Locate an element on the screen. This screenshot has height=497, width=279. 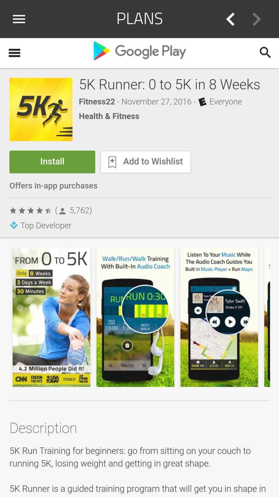
got to next plan is located at coordinates (257, 19).